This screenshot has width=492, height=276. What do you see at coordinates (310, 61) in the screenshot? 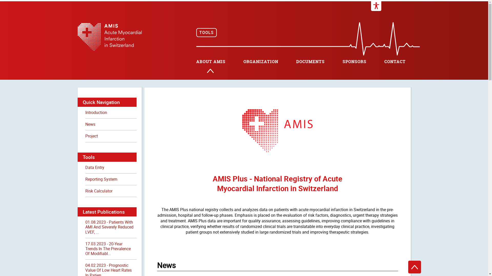
I see `'DOCUMENTS'` at bounding box center [310, 61].